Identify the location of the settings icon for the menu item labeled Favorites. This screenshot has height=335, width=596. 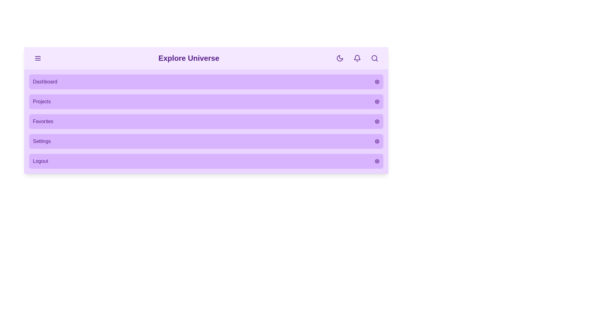
(377, 122).